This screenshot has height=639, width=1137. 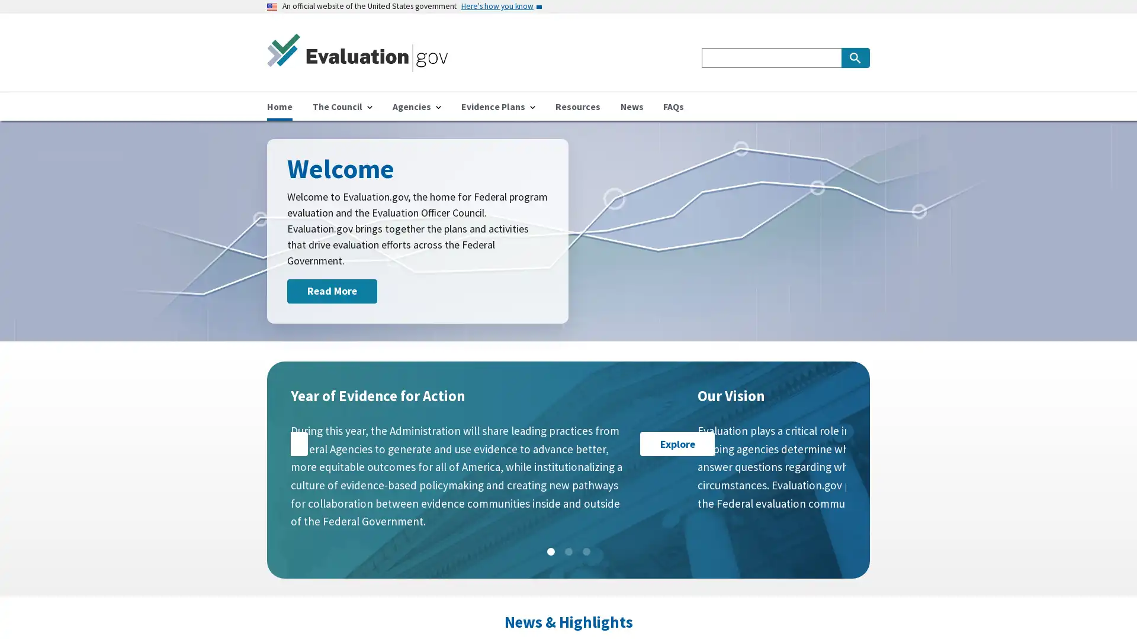 What do you see at coordinates (342, 106) in the screenshot?
I see `The Council` at bounding box center [342, 106].